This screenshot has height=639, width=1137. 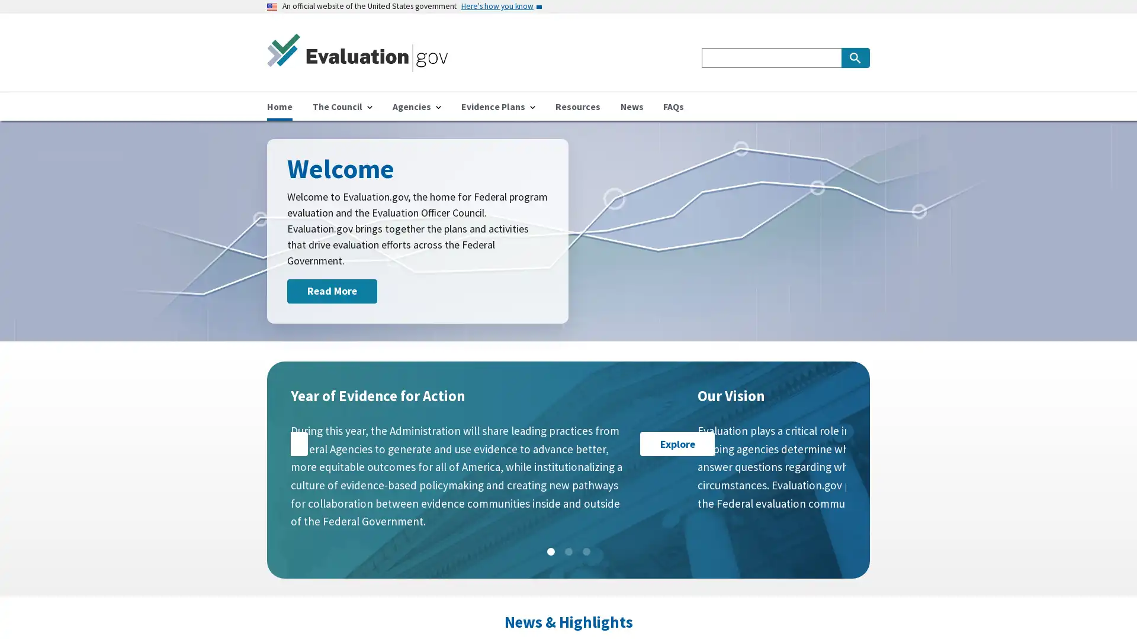 What do you see at coordinates (342, 106) in the screenshot?
I see `The Council` at bounding box center [342, 106].